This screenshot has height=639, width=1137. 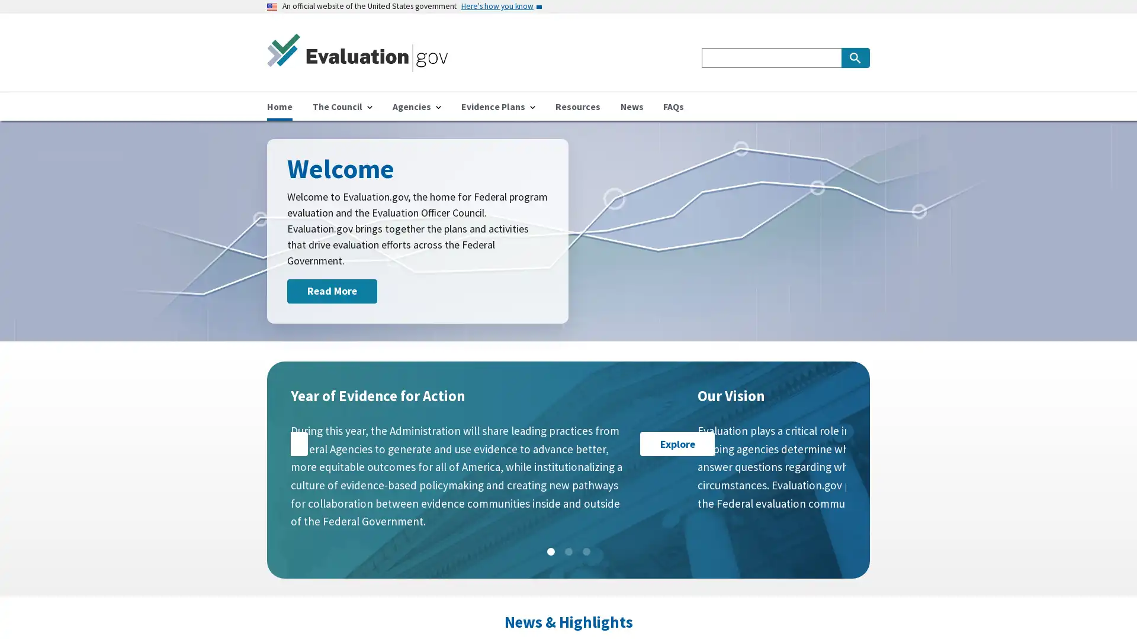 What do you see at coordinates (342, 106) in the screenshot?
I see `The Council` at bounding box center [342, 106].